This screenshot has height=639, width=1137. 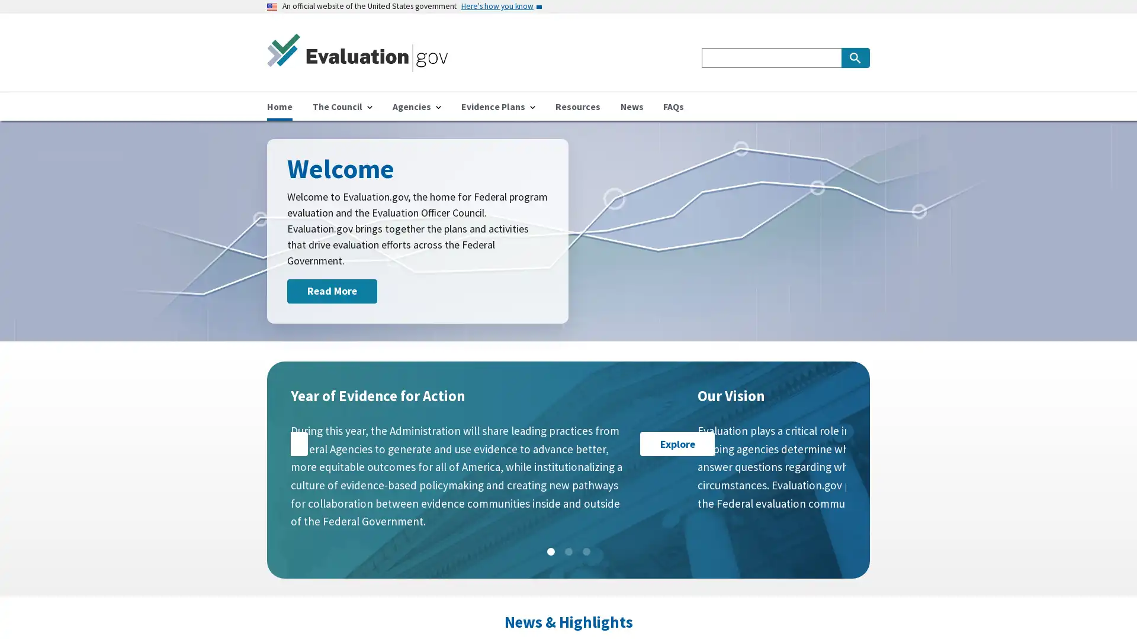 What do you see at coordinates (342, 106) in the screenshot?
I see `The Council` at bounding box center [342, 106].